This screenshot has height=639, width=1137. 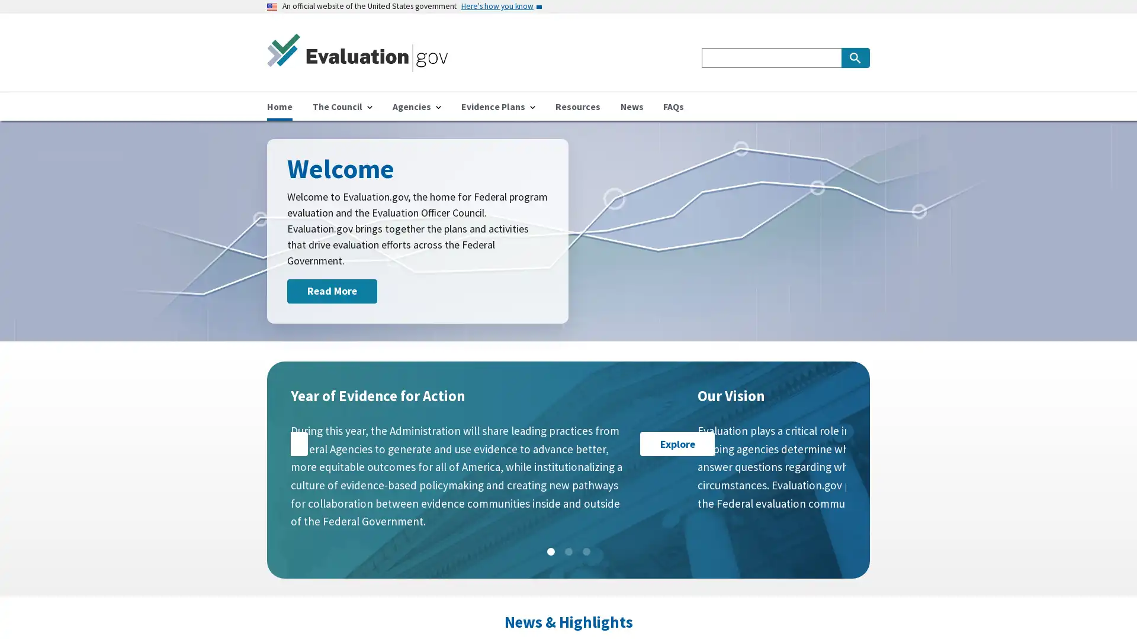 What do you see at coordinates (342, 106) in the screenshot?
I see `The Council` at bounding box center [342, 106].